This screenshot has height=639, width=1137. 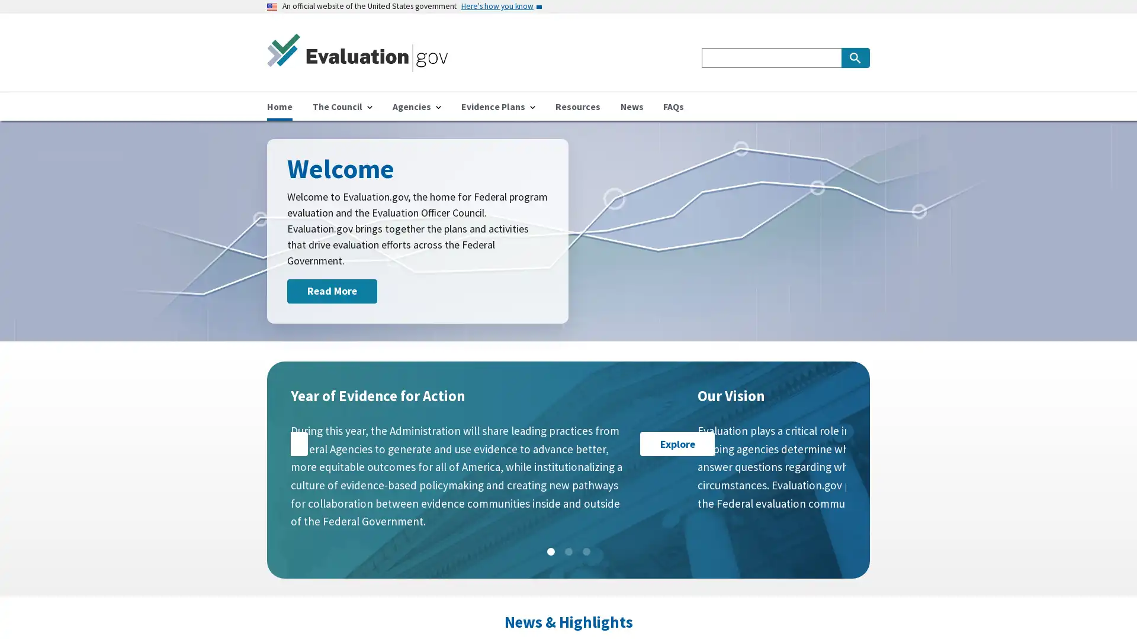 What do you see at coordinates (342, 106) in the screenshot?
I see `The Council` at bounding box center [342, 106].